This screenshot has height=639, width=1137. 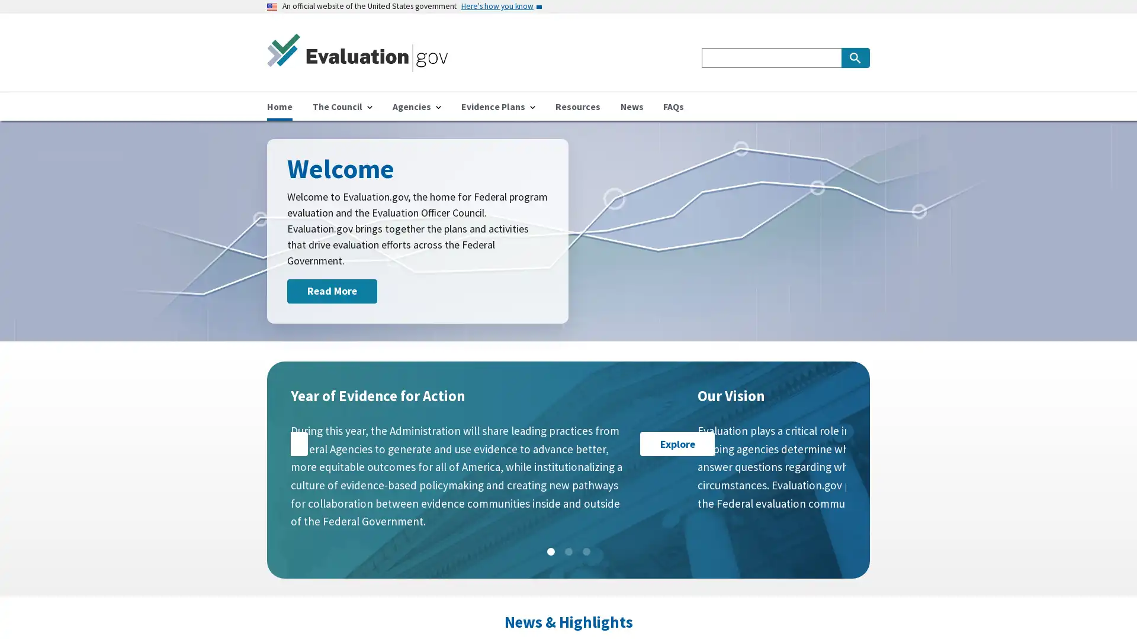 What do you see at coordinates (342, 106) in the screenshot?
I see `The Council` at bounding box center [342, 106].